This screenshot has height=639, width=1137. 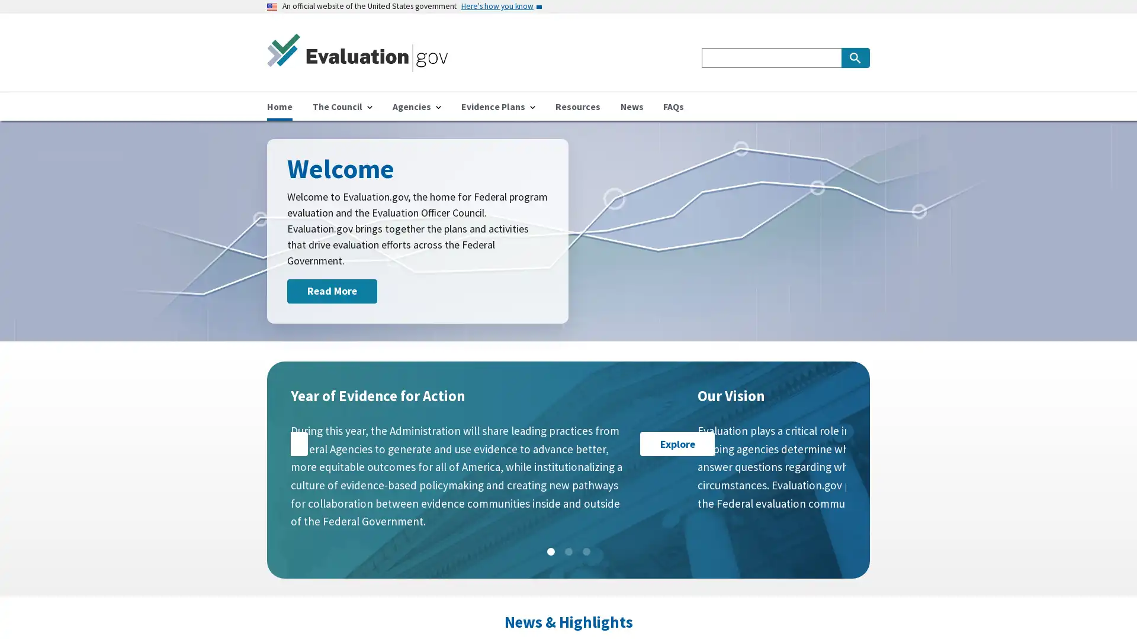 What do you see at coordinates (342, 106) in the screenshot?
I see `The Council` at bounding box center [342, 106].